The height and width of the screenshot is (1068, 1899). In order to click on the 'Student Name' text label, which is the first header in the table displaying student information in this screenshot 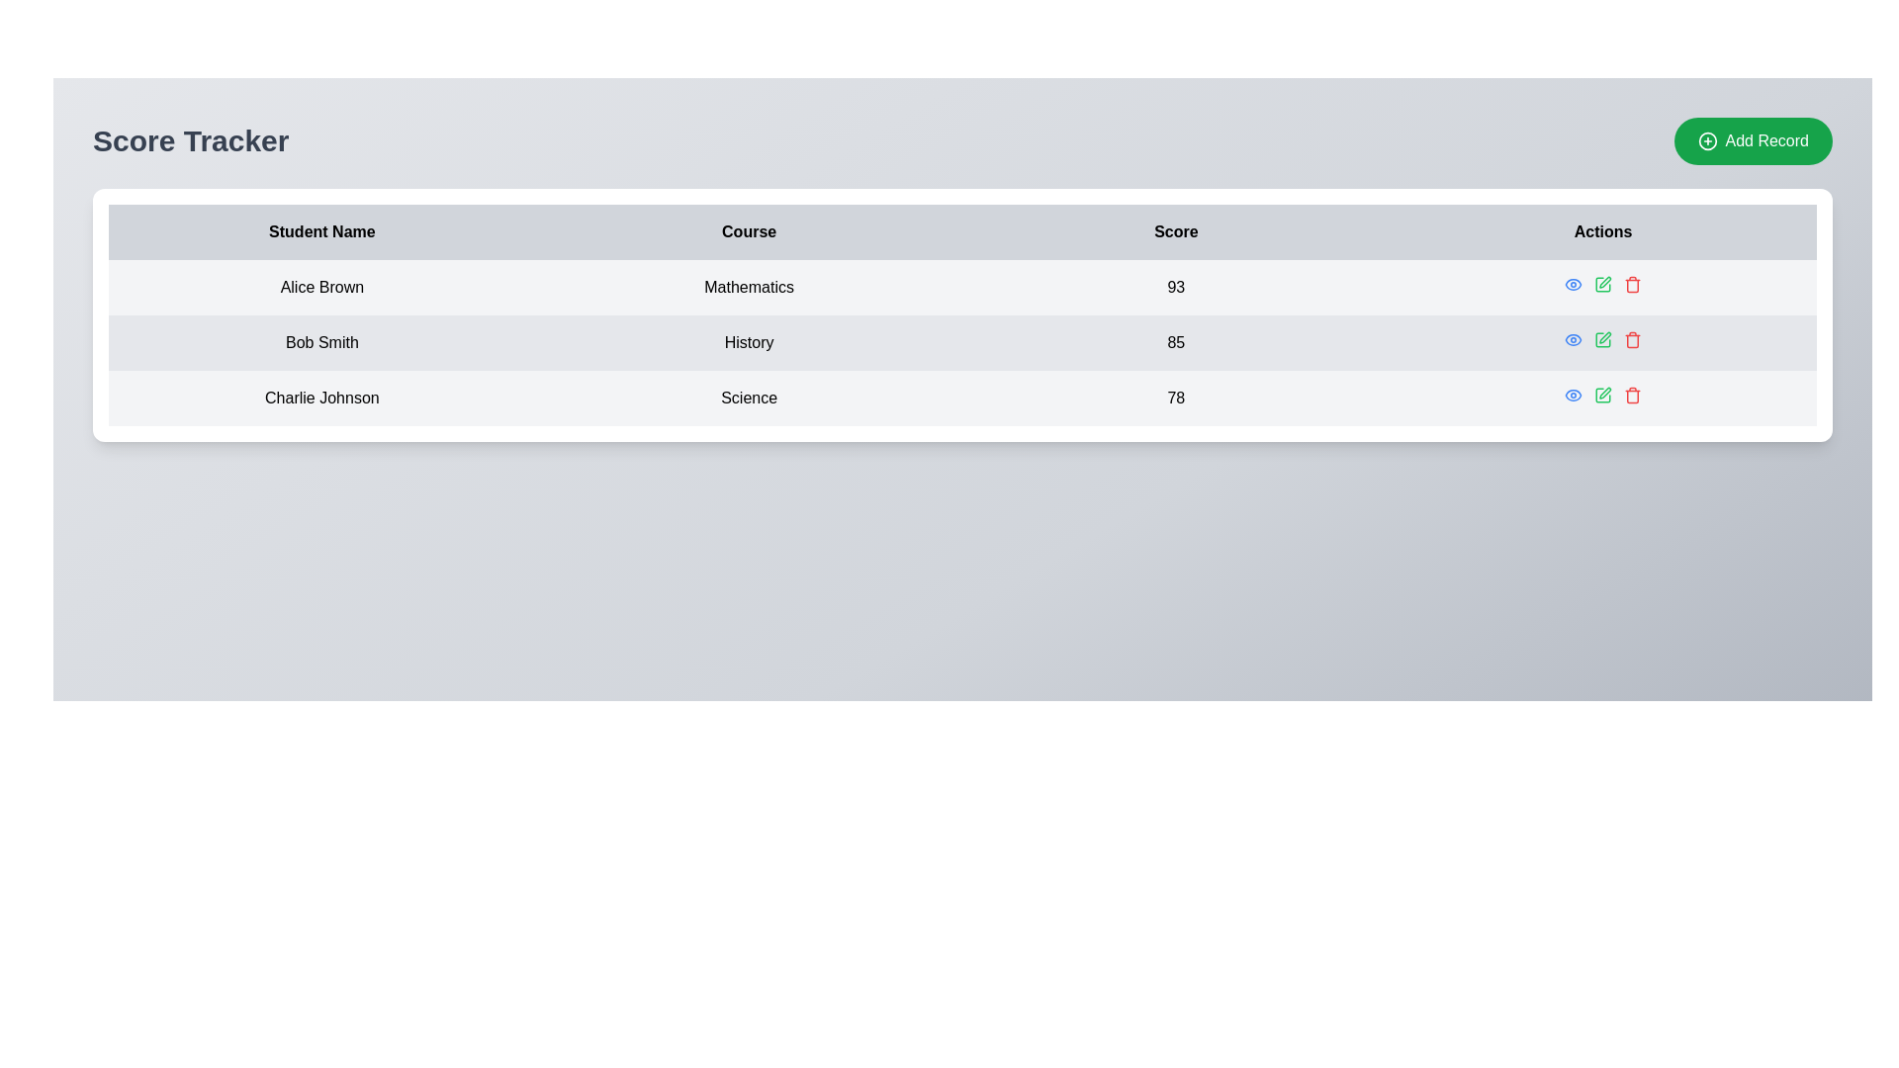, I will do `click(321, 231)`.